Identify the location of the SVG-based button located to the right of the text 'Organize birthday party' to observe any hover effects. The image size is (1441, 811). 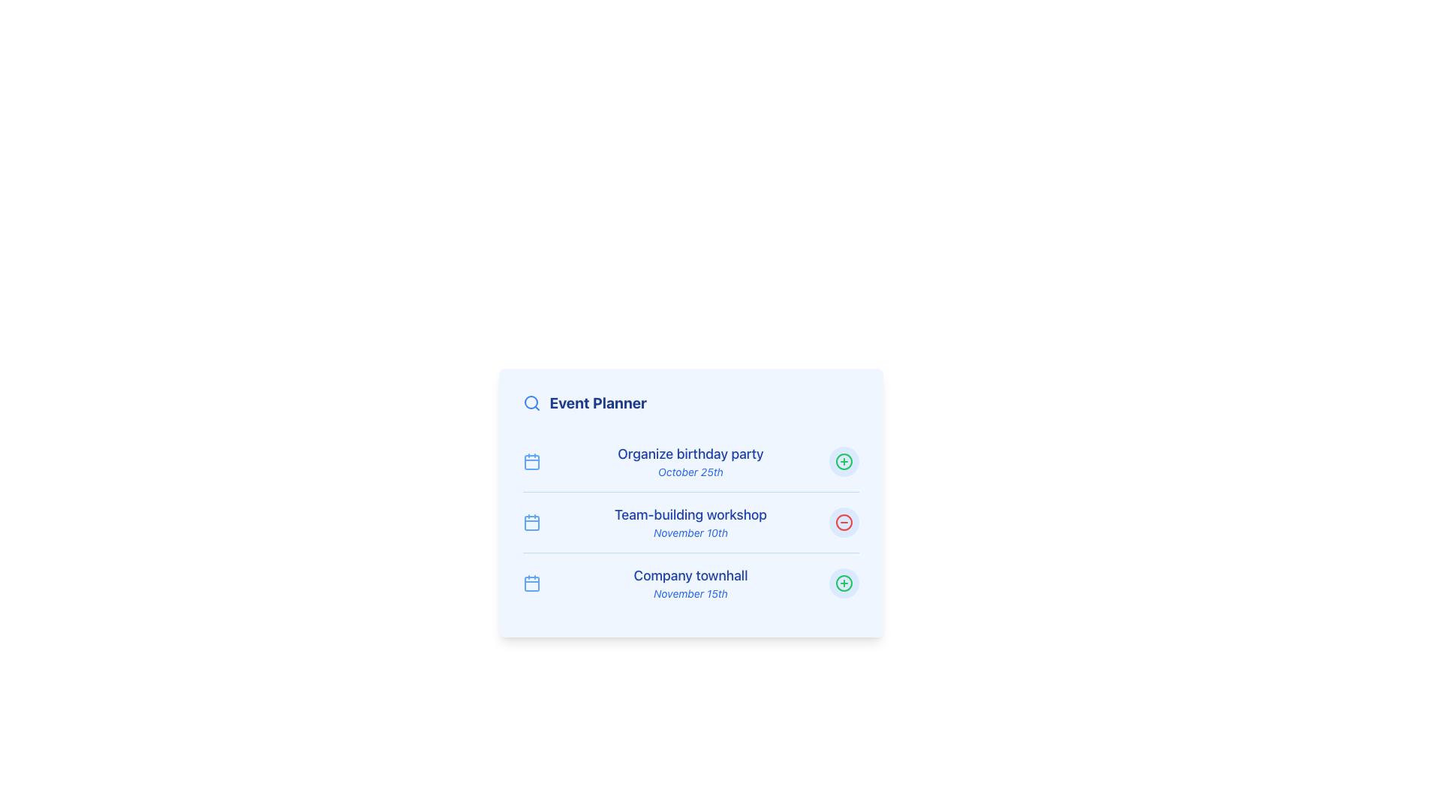
(844, 582).